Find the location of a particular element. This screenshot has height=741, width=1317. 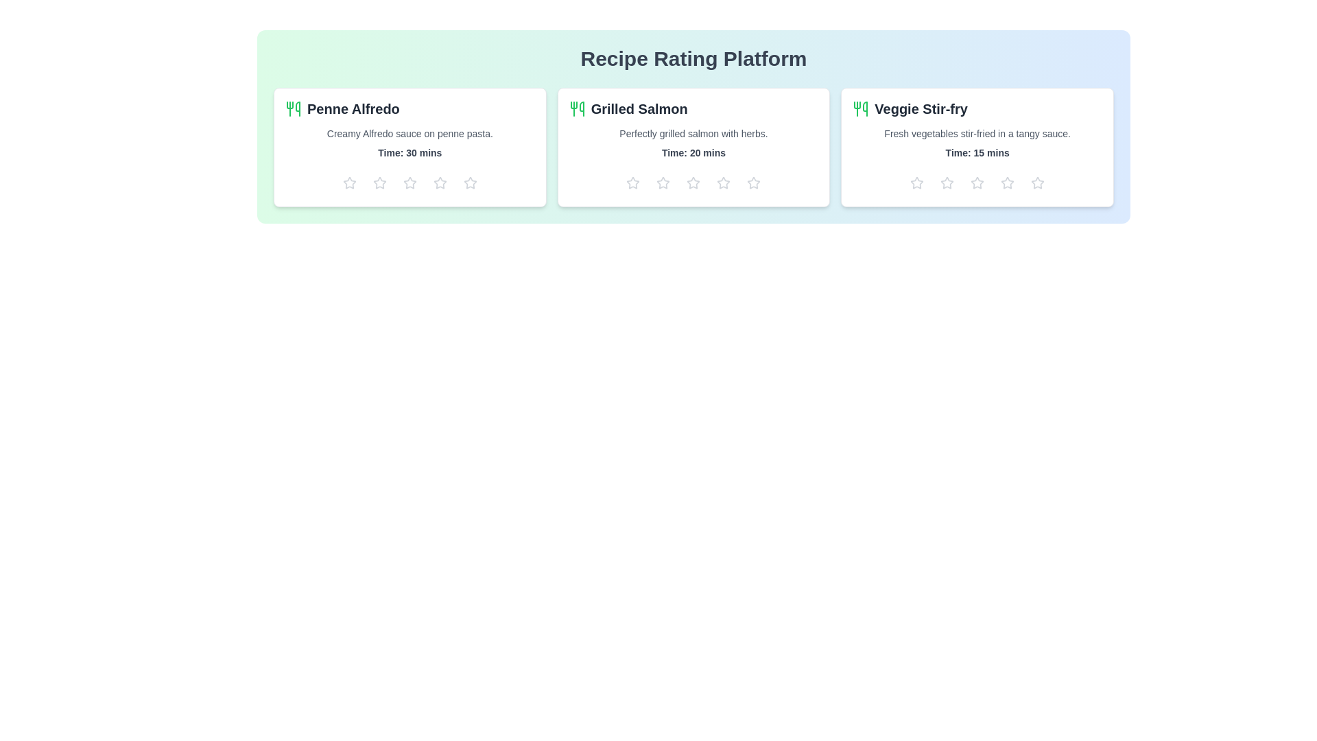

the star icon to set the rating to 2 for the recipe Veggie Stir-fry is located at coordinates (947, 182).